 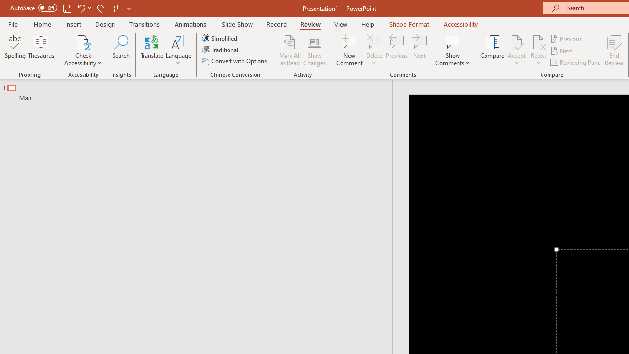 I want to click on 'Accept Change', so click(x=516, y=41).